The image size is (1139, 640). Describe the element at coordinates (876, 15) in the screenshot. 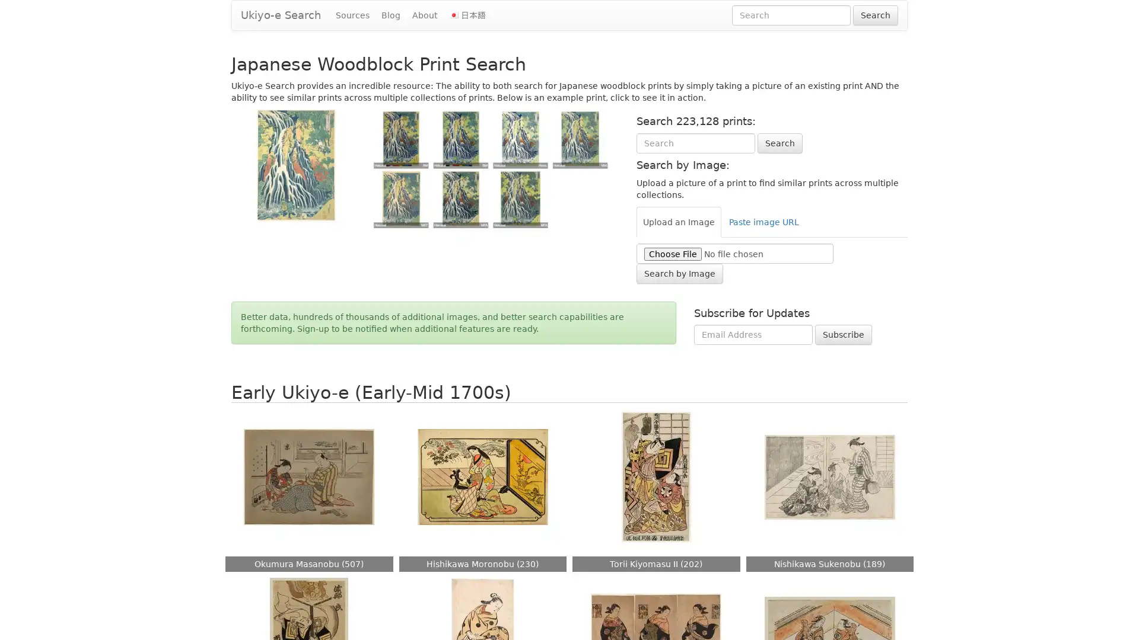

I see `Search` at that location.